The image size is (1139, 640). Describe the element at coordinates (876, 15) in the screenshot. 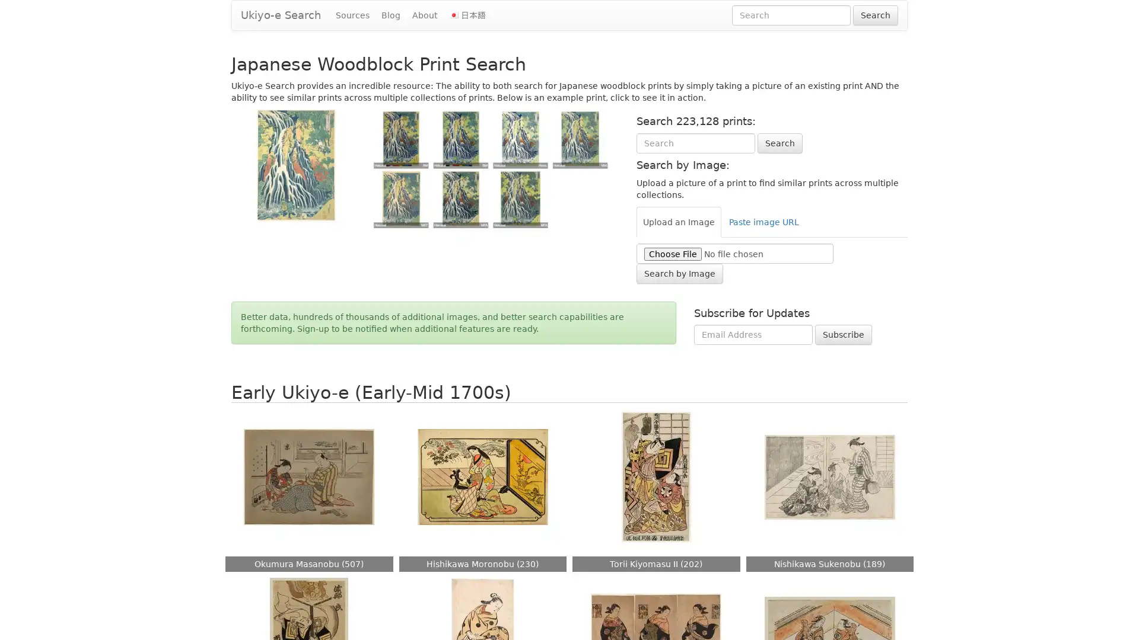

I see `Search` at that location.